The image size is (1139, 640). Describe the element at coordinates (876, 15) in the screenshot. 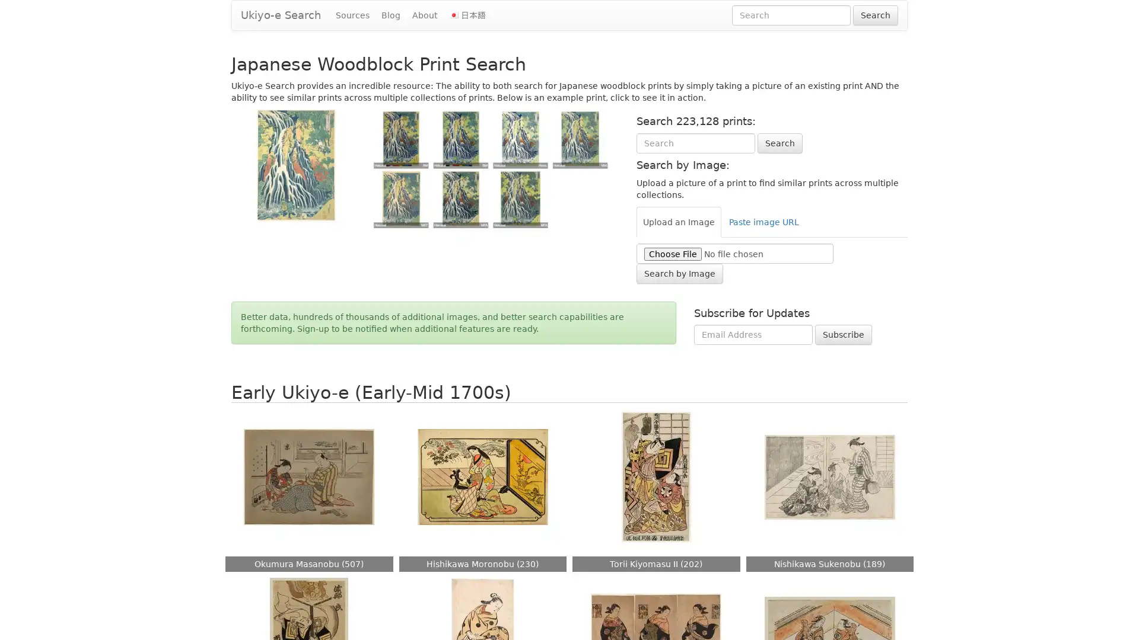

I see `Search` at that location.